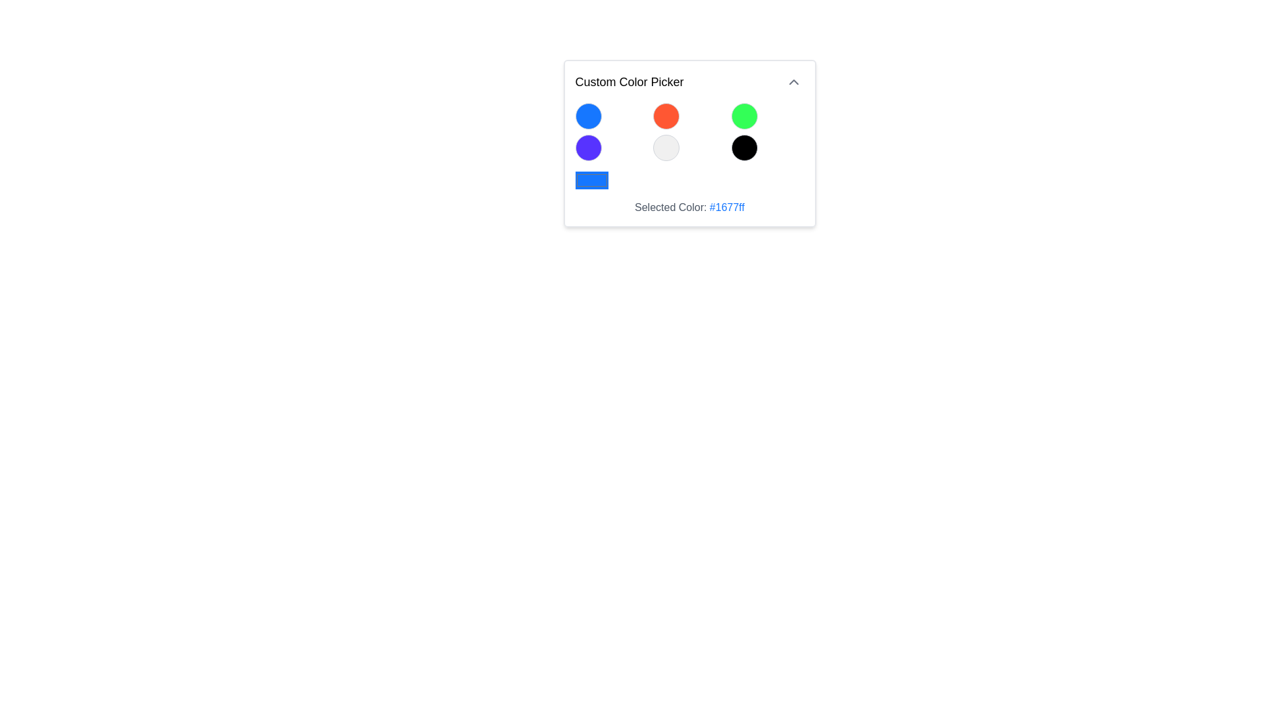  Describe the element at coordinates (628, 82) in the screenshot. I see `the Text label that serves as a header for the color selection interface, providing context for the section below it` at that location.